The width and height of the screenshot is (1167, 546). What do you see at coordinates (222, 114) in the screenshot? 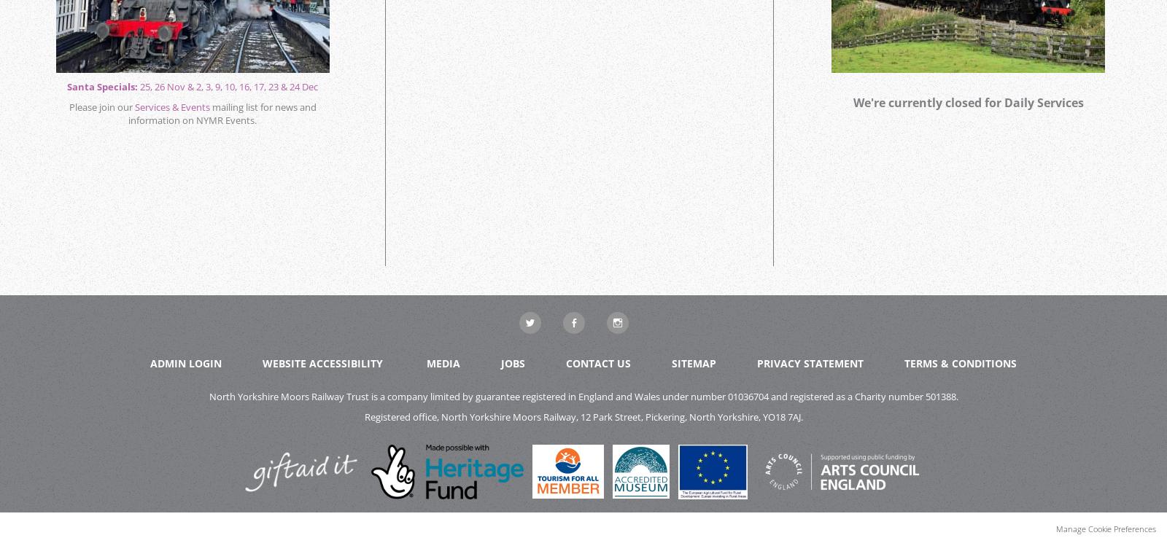
I see `'mailing list for news and information on NYMR Events.'` at bounding box center [222, 114].